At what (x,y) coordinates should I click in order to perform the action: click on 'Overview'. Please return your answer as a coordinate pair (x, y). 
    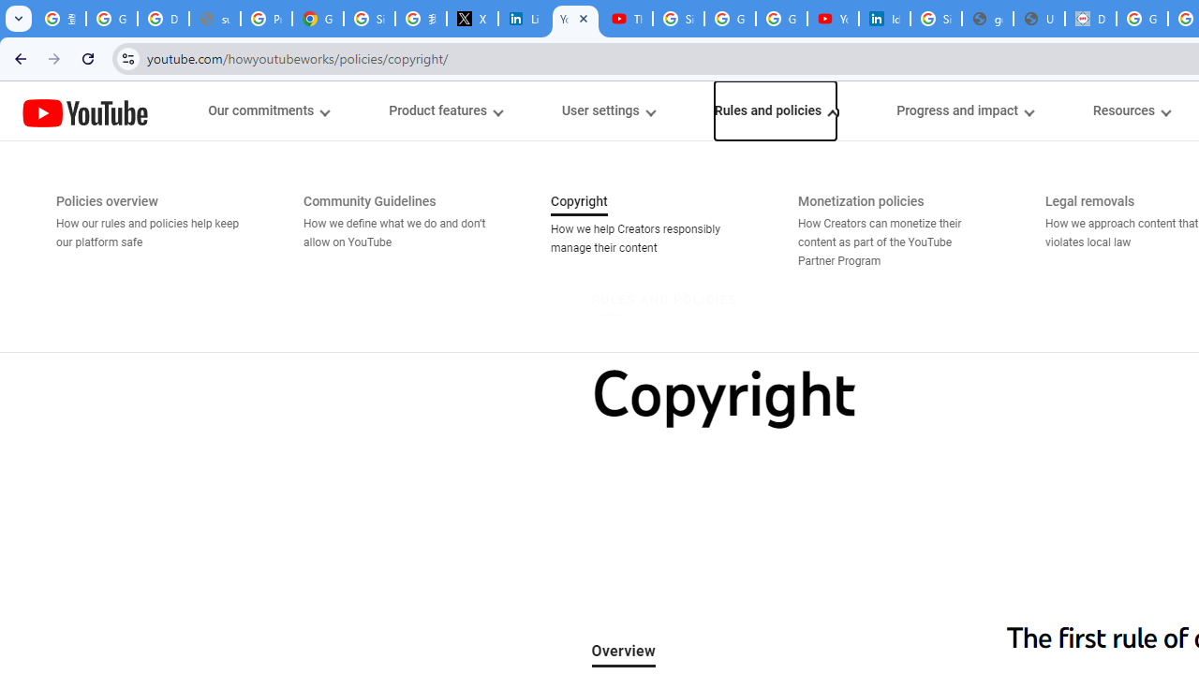
    Looking at the image, I should click on (623, 652).